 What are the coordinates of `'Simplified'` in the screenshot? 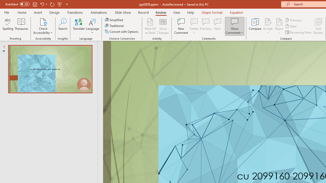 It's located at (114, 20).